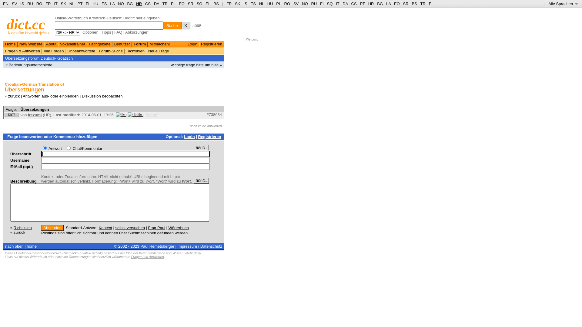 This screenshot has height=327, width=582. Describe the element at coordinates (270, 4) in the screenshot. I see `'HU'` at that location.